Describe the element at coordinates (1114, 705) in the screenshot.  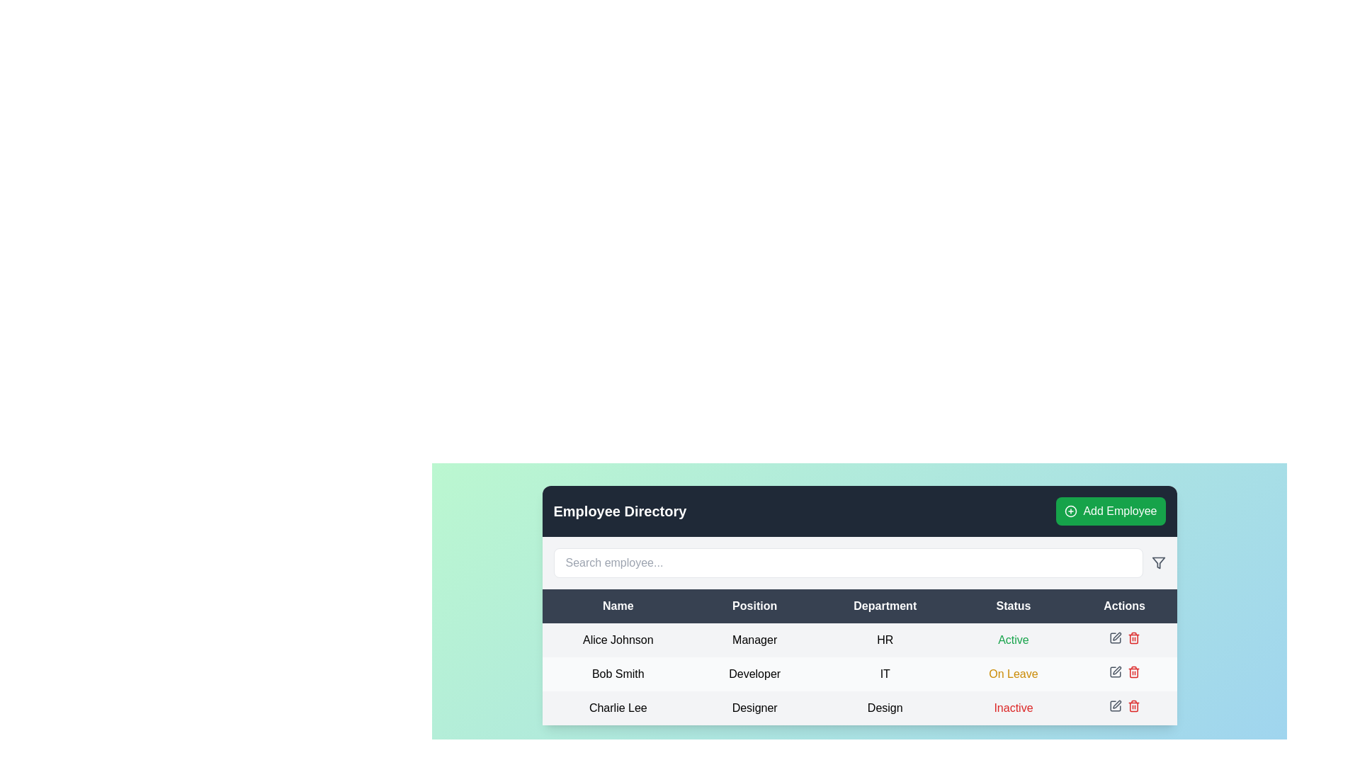
I see `the edit action button for 'Charlie Lee' in the third row of the table` at that location.